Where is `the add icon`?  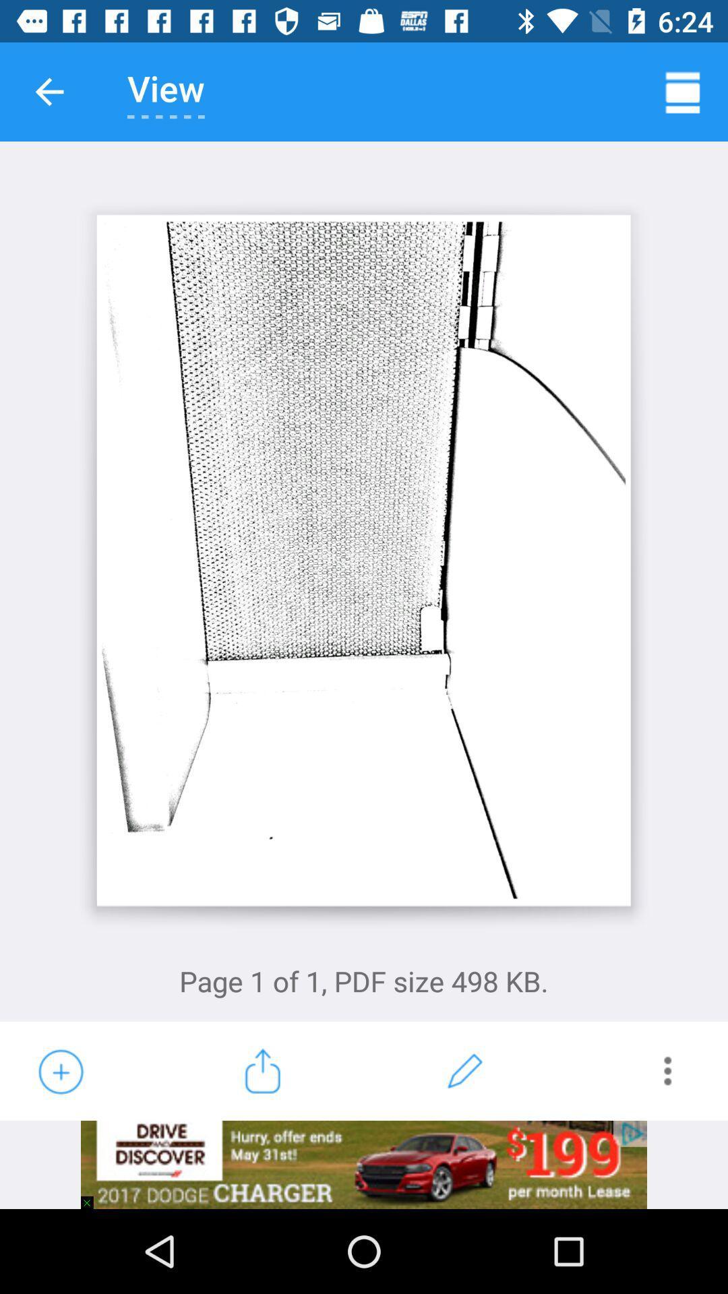 the add icon is located at coordinates (59, 1070).